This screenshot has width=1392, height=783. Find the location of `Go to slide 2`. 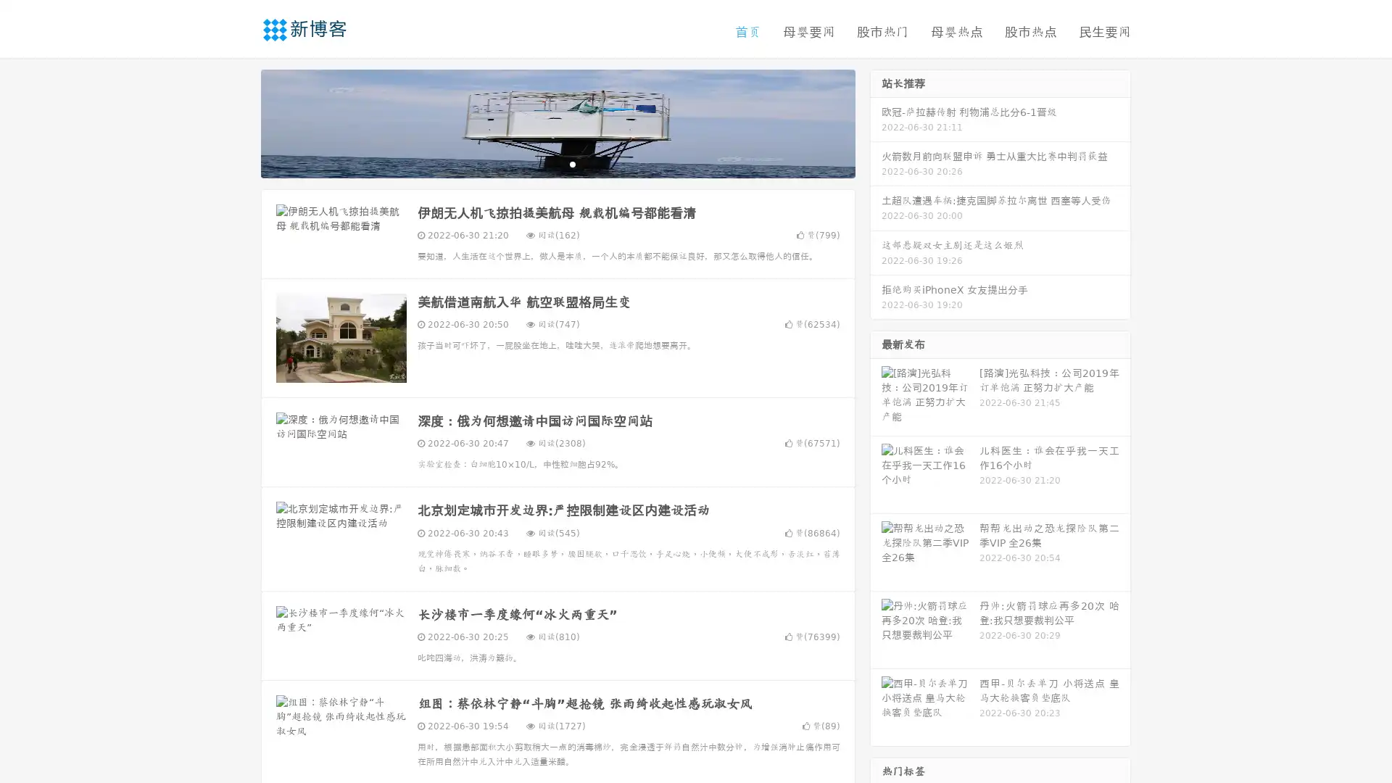

Go to slide 2 is located at coordinates (557, 163).